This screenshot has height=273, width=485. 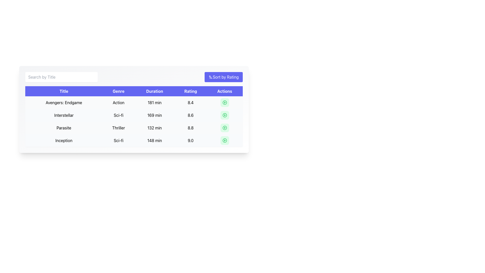 What do you see at coordinates (224, 127) in the screenshot?
I see `the play button for the movie 'Parasite' located in the fourth row and fifth column of the actions table to initiate playback` at bounding box center [224, 127].